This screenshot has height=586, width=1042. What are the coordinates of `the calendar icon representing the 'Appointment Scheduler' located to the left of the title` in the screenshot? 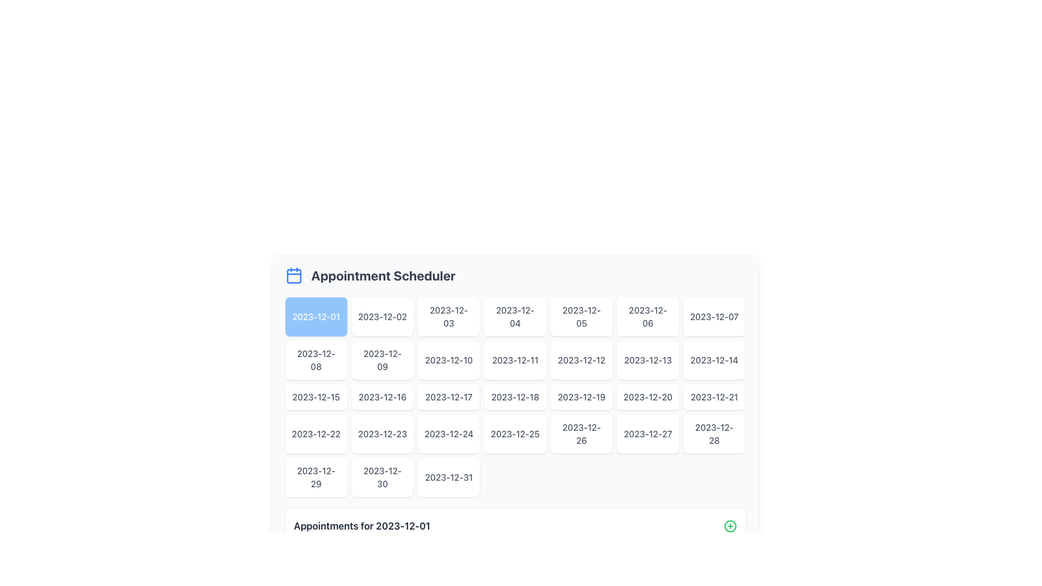 It's located at (294, 275).